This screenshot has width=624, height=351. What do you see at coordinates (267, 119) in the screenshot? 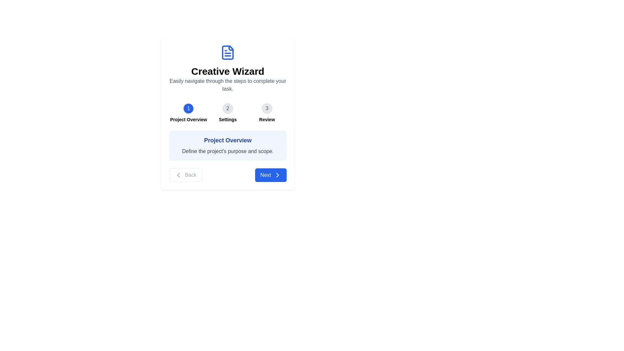
I see `the 'Review' step label in the wizard-style interface, which indicates the current stage of the process and is positioned beneath the circular icon labeled '3'` at bounding box center [267, 119].